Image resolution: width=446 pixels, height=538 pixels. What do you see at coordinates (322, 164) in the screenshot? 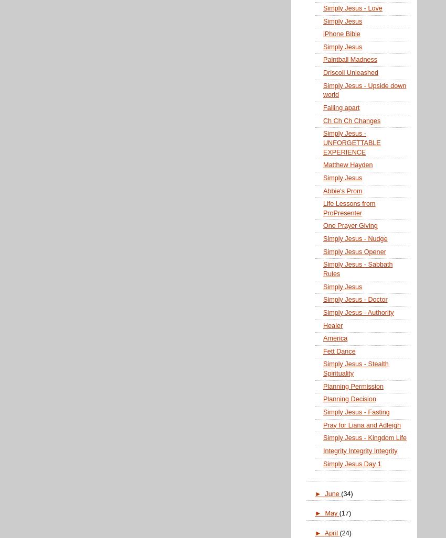
I see `'Matthew Hayden'` at bounding box center [322, 164].